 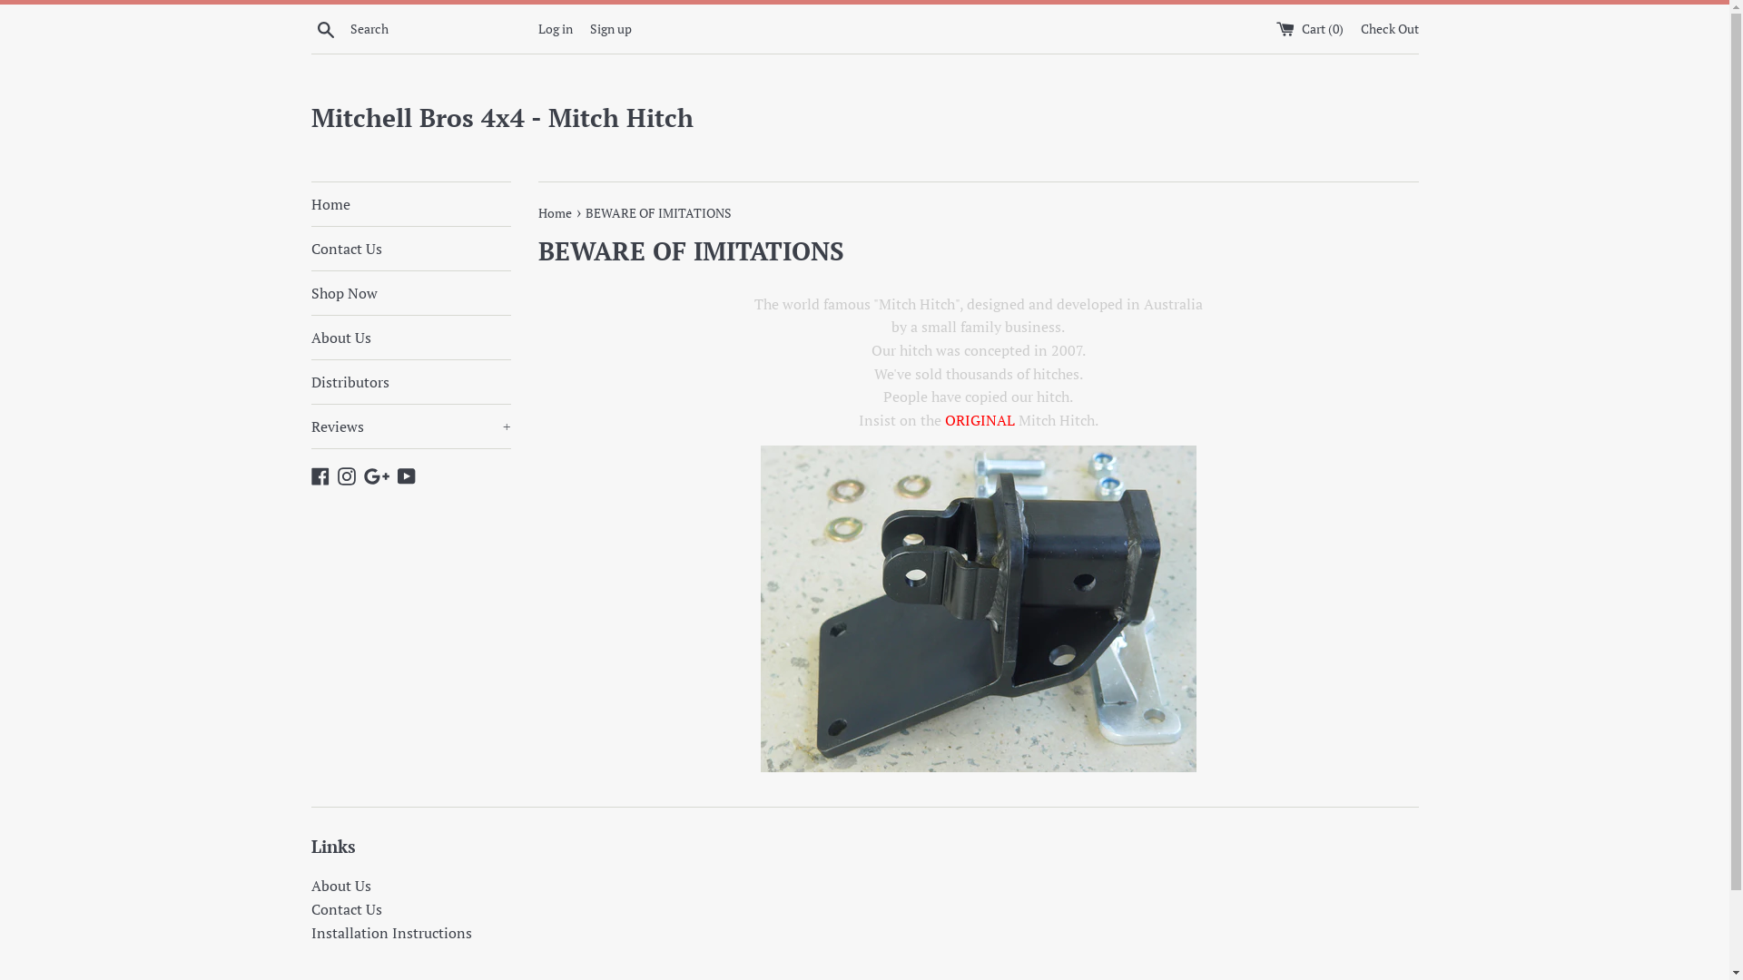 What do you see at coordinates (409, 248) in the screenshot?
I see `'Contact Us'` at bounding box center [409, 248].